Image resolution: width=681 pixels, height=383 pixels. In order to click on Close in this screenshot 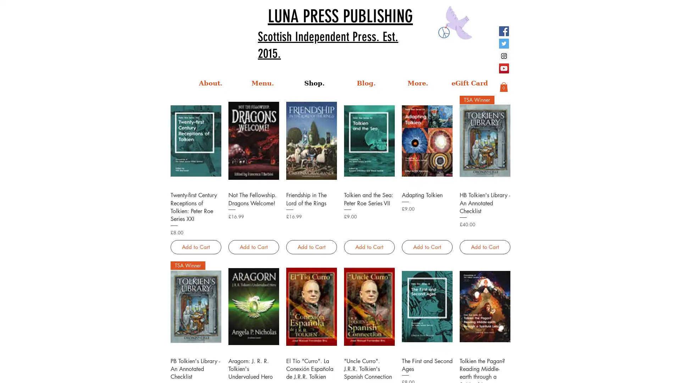, I will do `click(672, 371)`.